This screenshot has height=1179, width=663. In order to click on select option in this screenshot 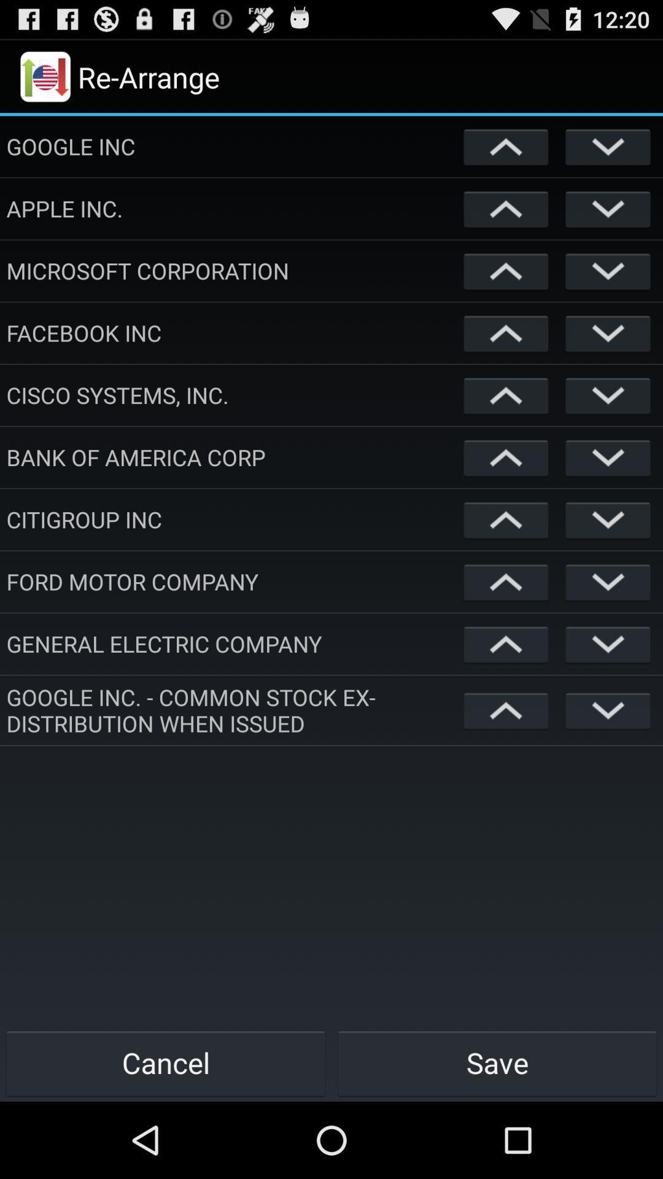, I will do `click(608, 581)`.